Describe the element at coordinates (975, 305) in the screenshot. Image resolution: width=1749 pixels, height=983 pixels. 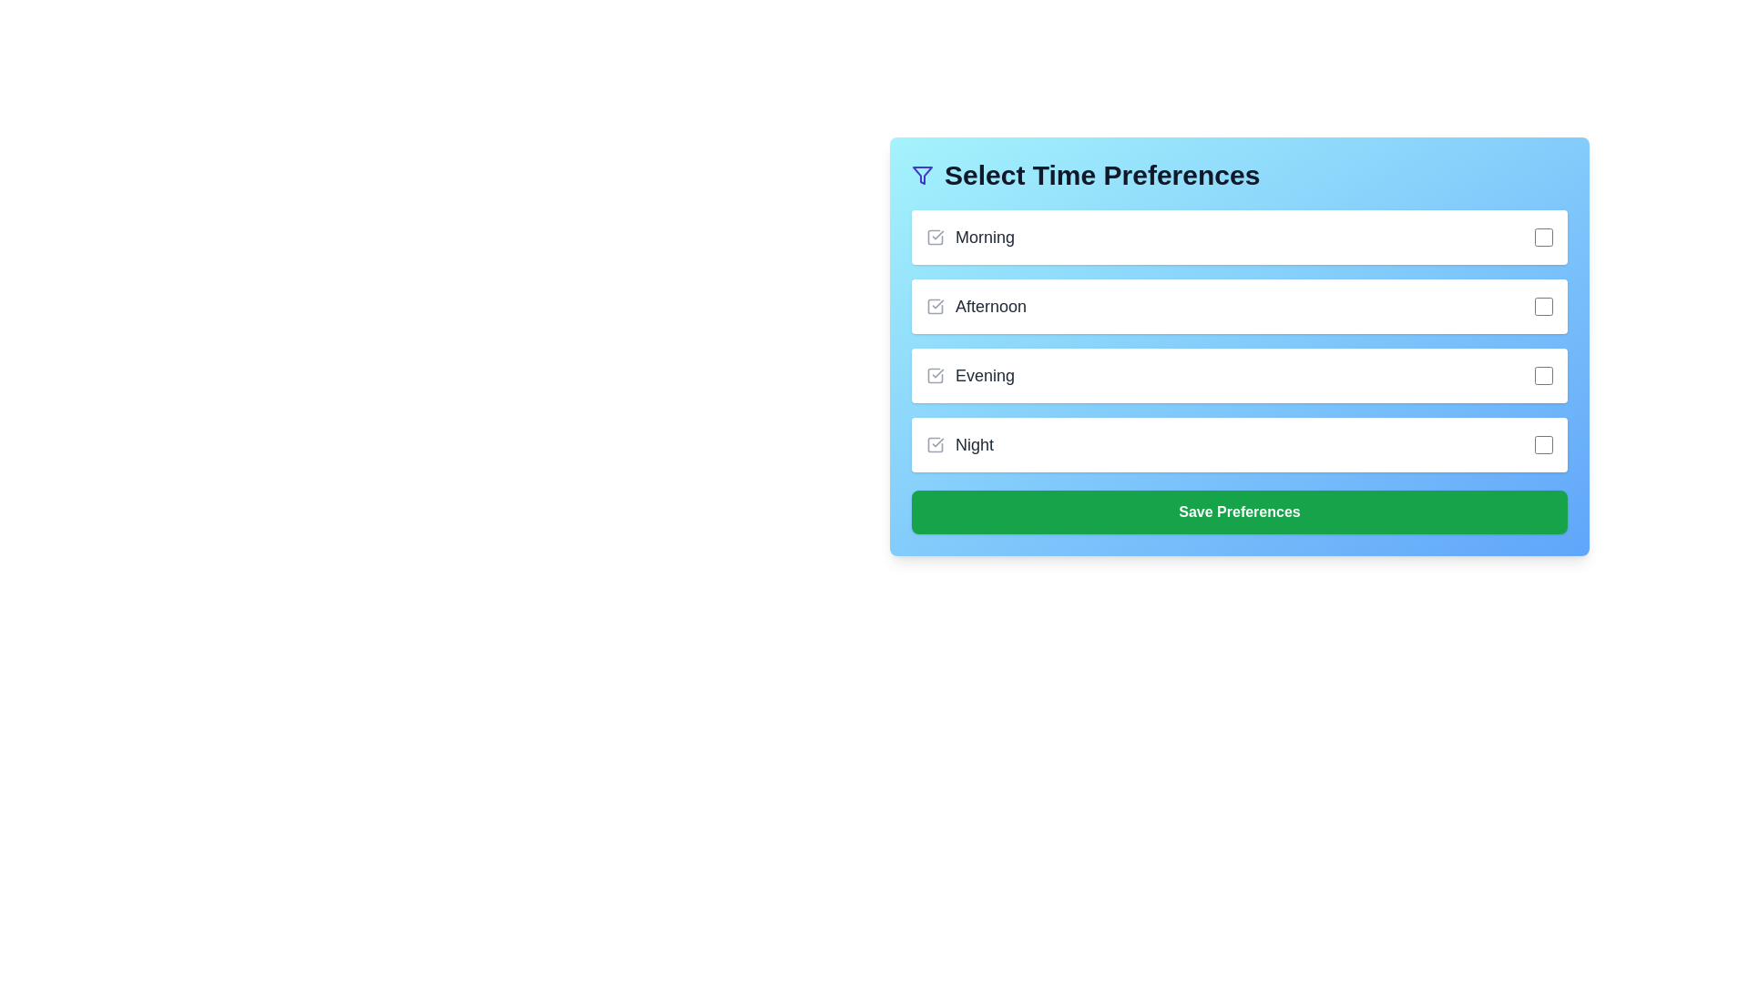
I see `the 'Afternoon' label, which is styled with normal font weight and medium text size, located in the second row of time preferences beneath 'Morning', and positioned next to a gray outlined checkbox` at that location.